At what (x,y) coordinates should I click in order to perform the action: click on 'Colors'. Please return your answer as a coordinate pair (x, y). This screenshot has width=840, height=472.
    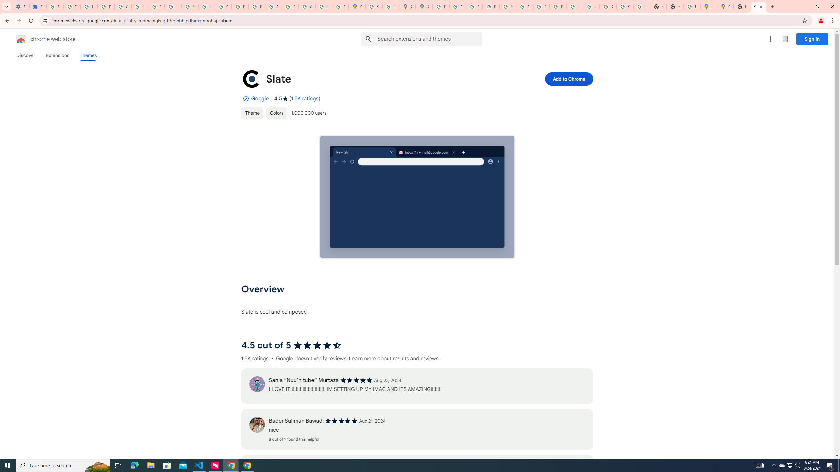
    Looking at the image, I should click on (277, 113).